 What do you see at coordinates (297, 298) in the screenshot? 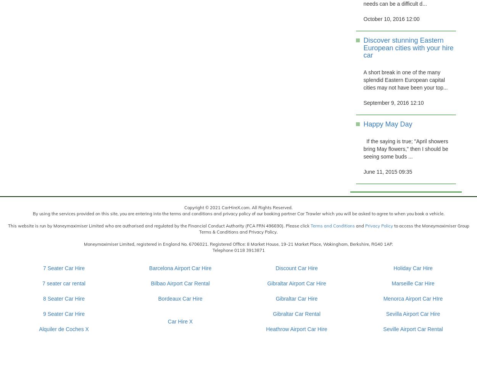
I see `'Gibraltar Car Hire'` at bounding box center [297, 298].